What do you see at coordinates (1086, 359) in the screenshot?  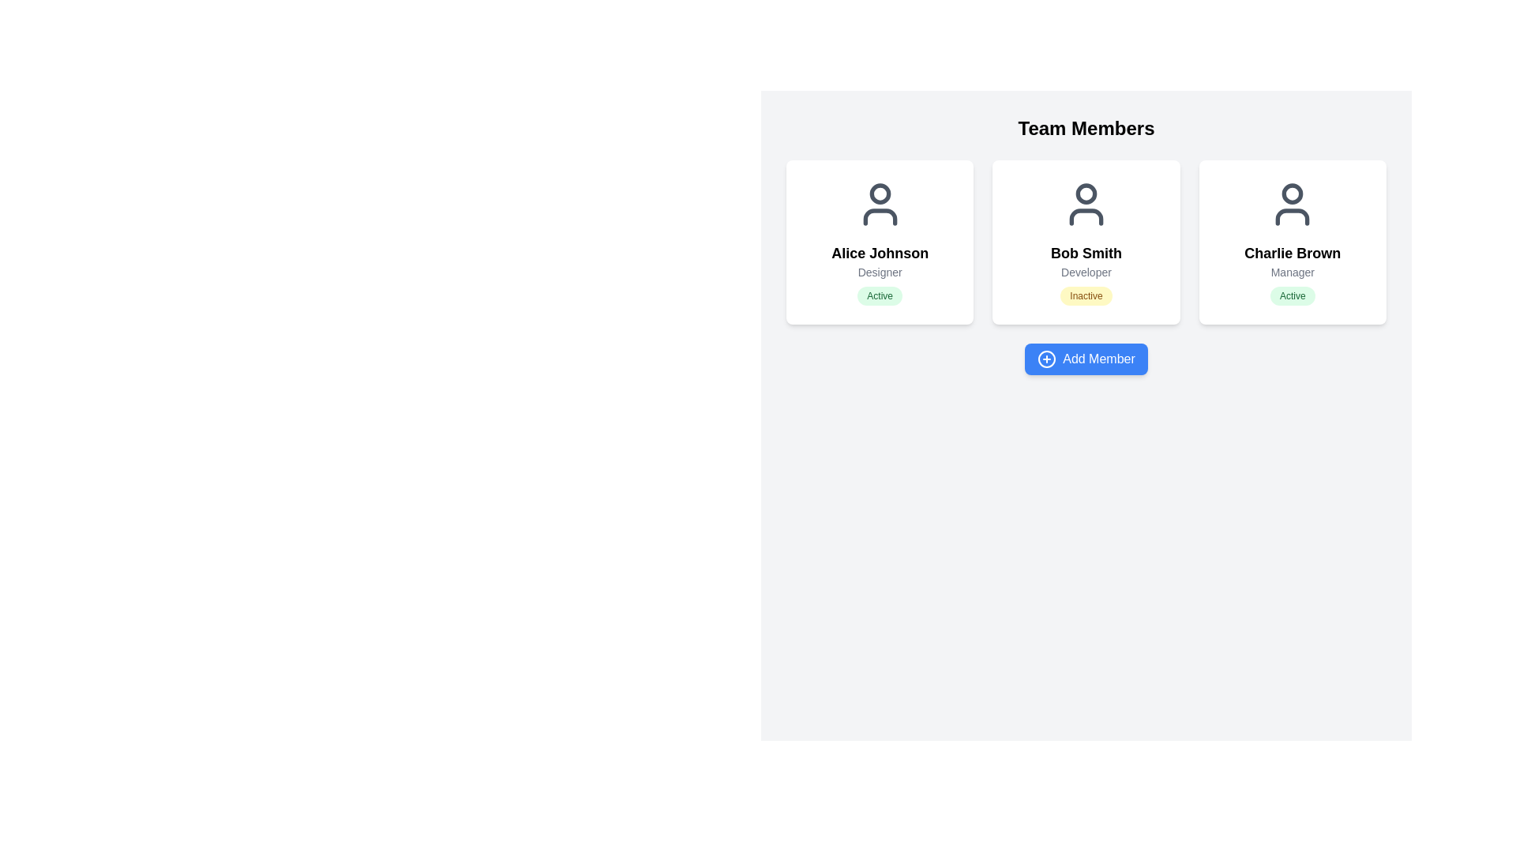 I see `the button located below the user cards 'Alice Johnson', 'Bob Smith', and 'Charlie Brown' in the 'Team Members' section` at bounding box center [1086, 359].